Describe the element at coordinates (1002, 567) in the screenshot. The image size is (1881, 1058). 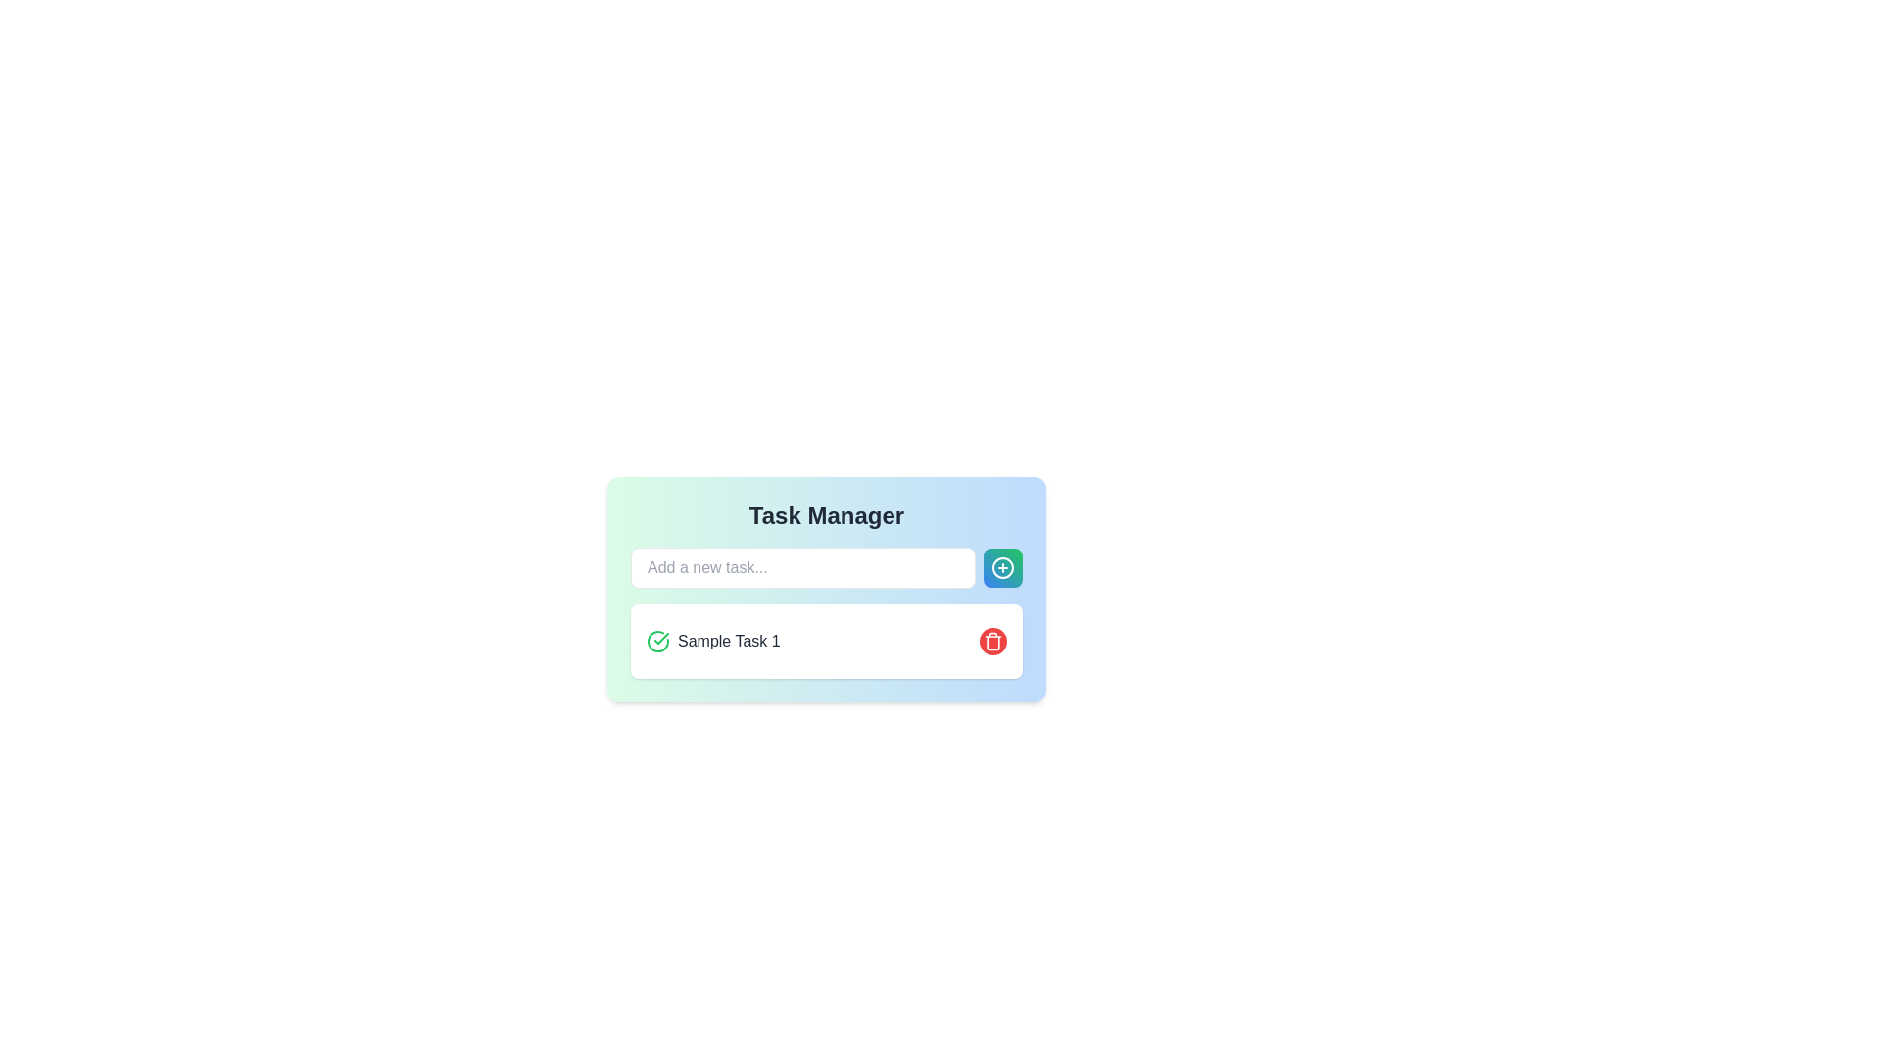
I see `the circular component with a radius of 10 units, styled with a white stroke, located in the top-right corner of the Task Manager interface` at that location.